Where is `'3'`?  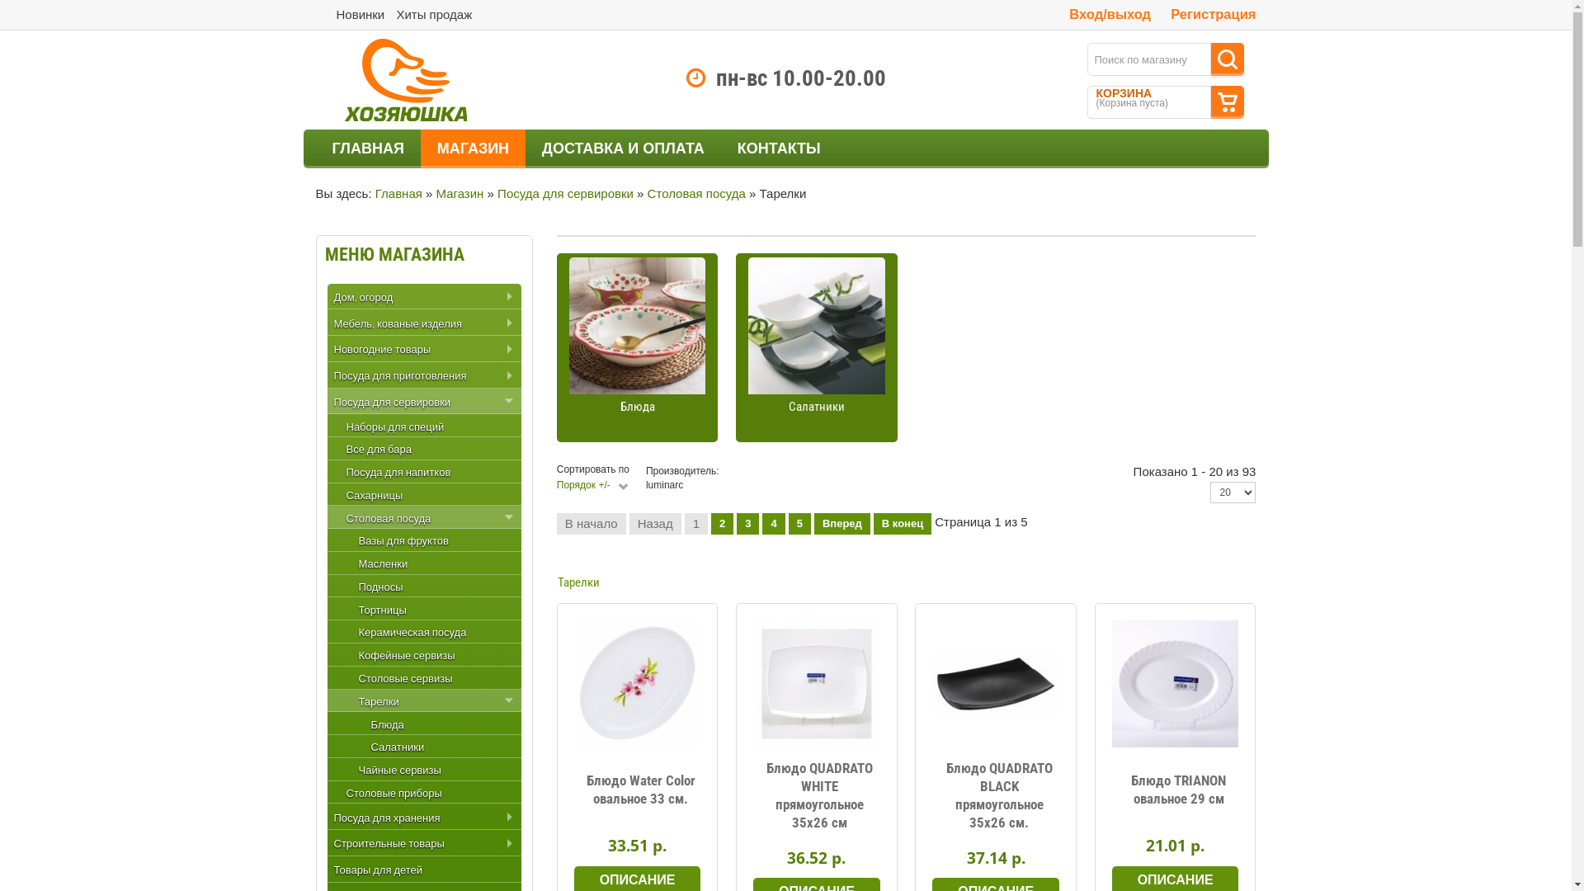
'3' is located at coordinates (747, 524).